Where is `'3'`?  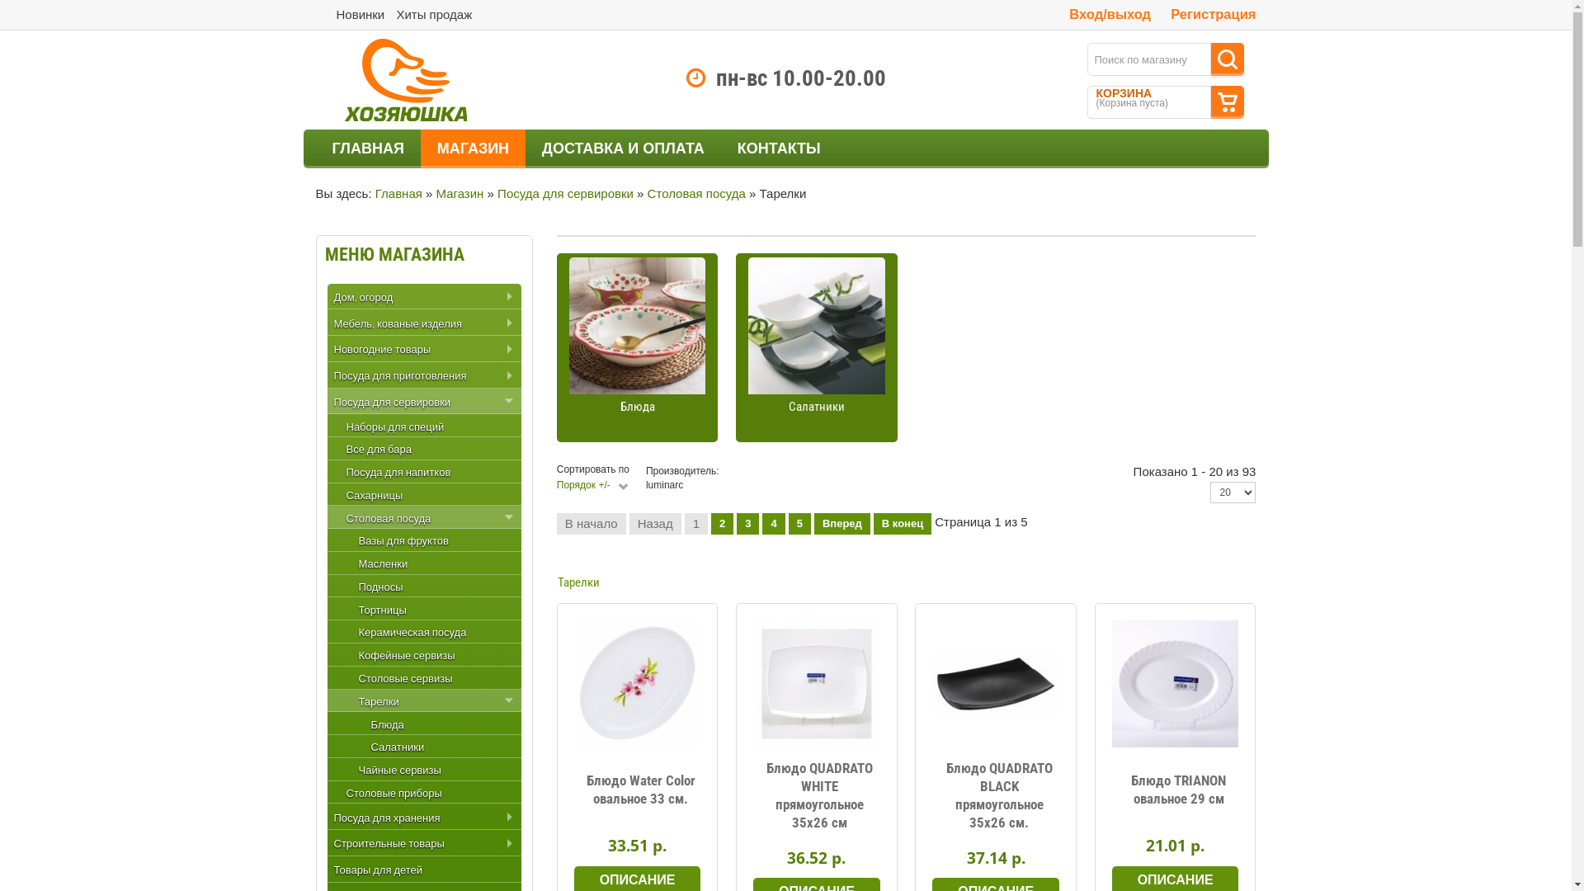
'3' is located at coordinates (747, 524).